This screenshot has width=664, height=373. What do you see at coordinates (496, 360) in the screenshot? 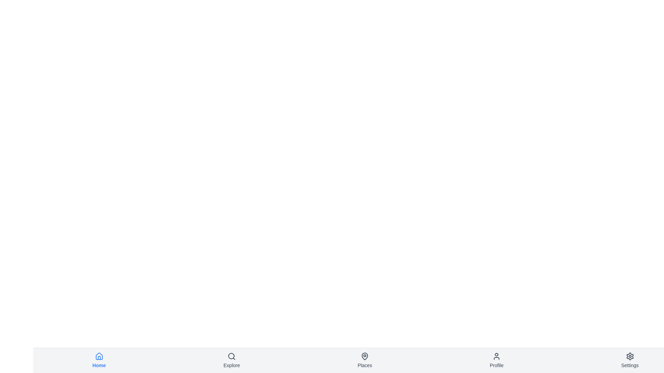
I see `the navigation item labeled Profile` at bounding box center [496, 360].